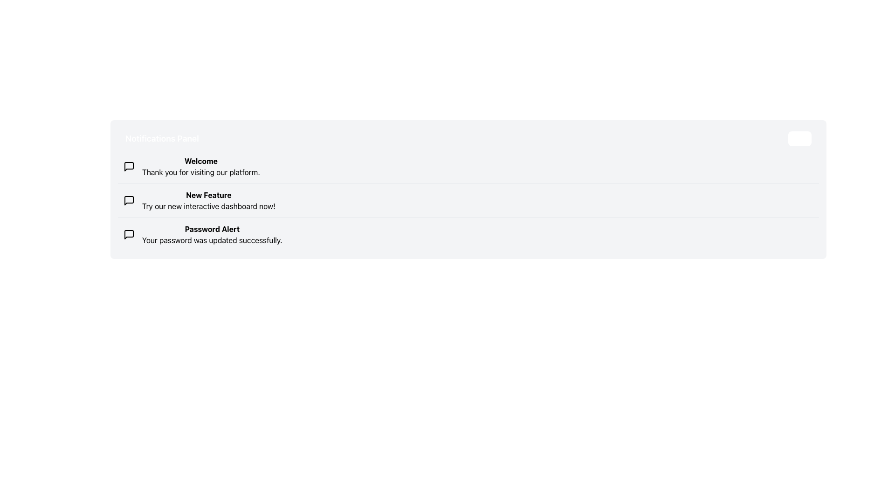 The width and height of the screenshot is (895, 503). I want to click on the messaging icon representing the 'New Feature' notification, which is located to the left of the title 'New Feature', so click(129, 200).